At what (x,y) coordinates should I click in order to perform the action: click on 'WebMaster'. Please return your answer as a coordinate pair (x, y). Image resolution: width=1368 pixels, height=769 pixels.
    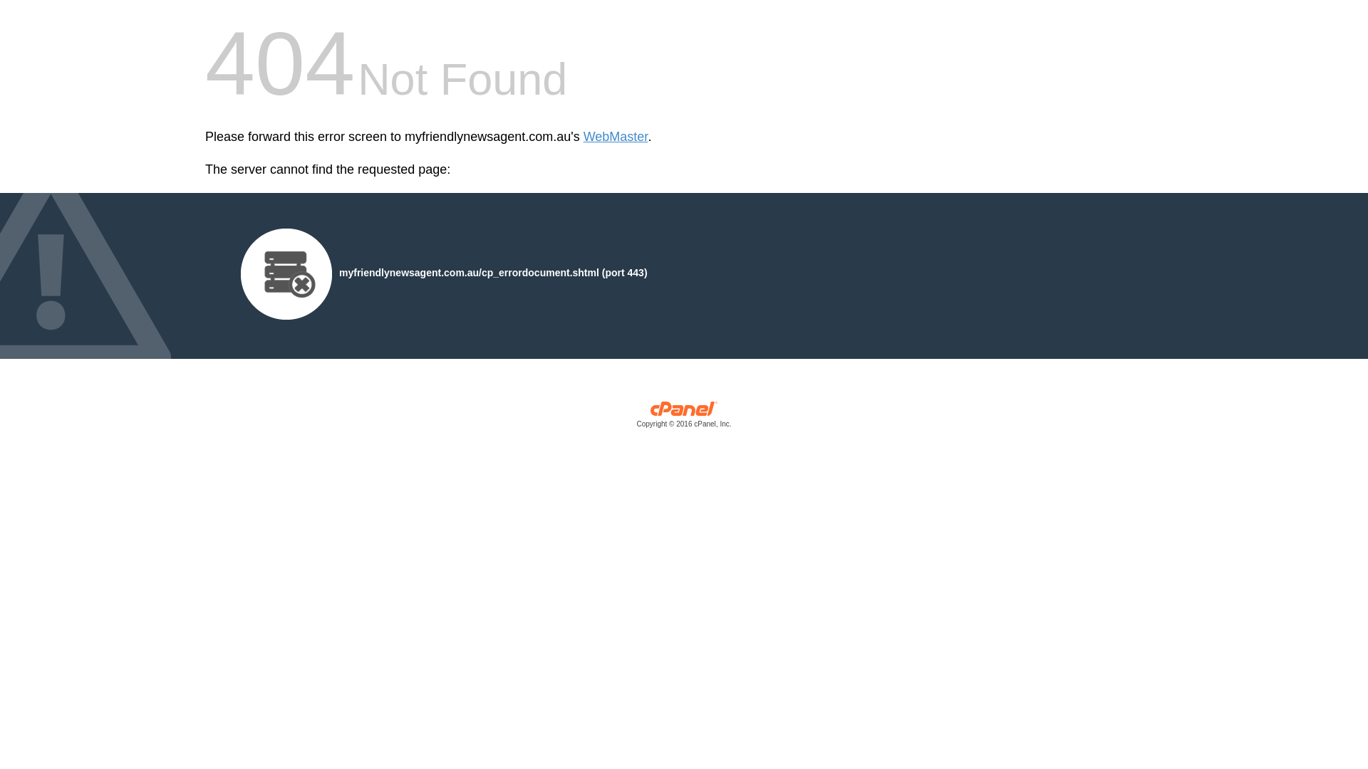
    Looking at the image, I should click on (616, 137).